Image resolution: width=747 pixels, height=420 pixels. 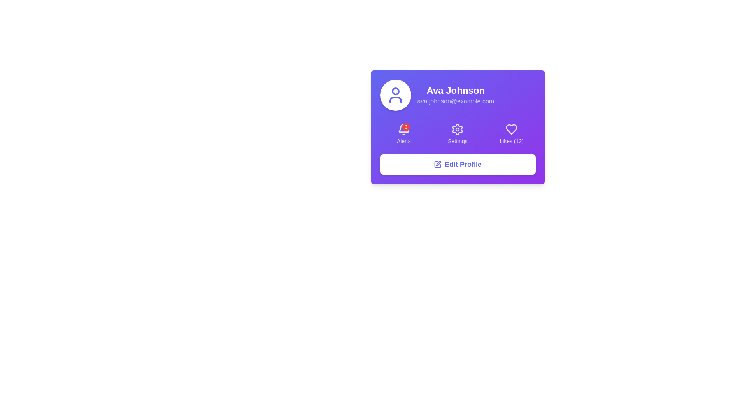 I want to click on to select the profile represented by the circular user icon and the name 'Ava Johnson' in the Profile Information Display, so click(x=458, y=95).